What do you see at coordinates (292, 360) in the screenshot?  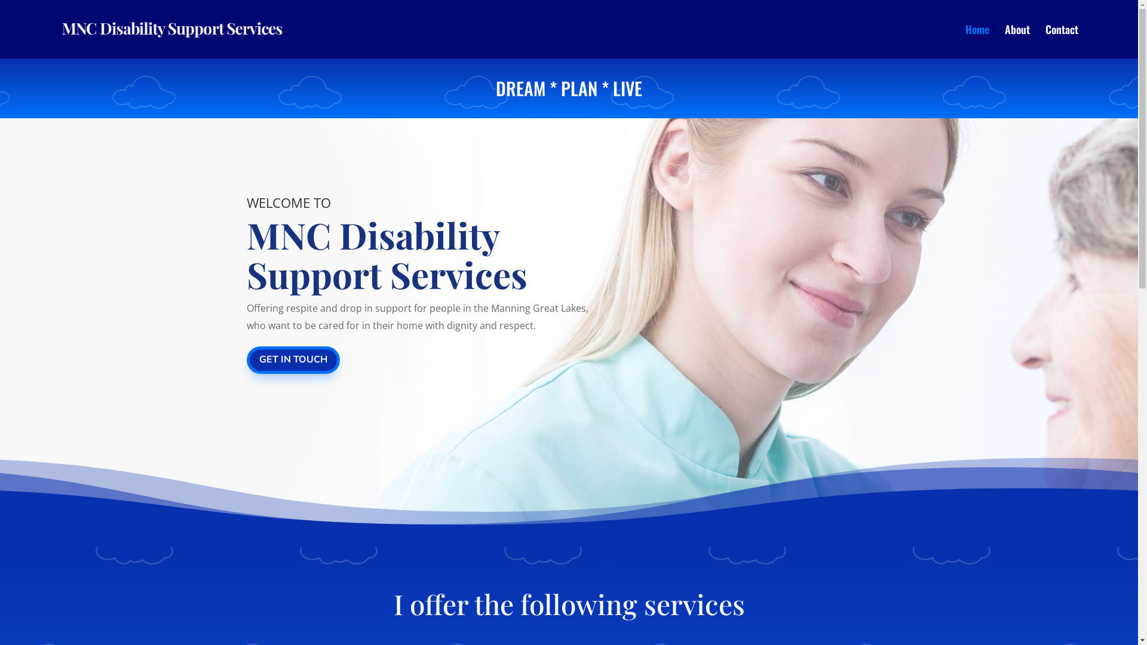 I see `'GET IN TOUCH'` at bounding box center [292, 360].